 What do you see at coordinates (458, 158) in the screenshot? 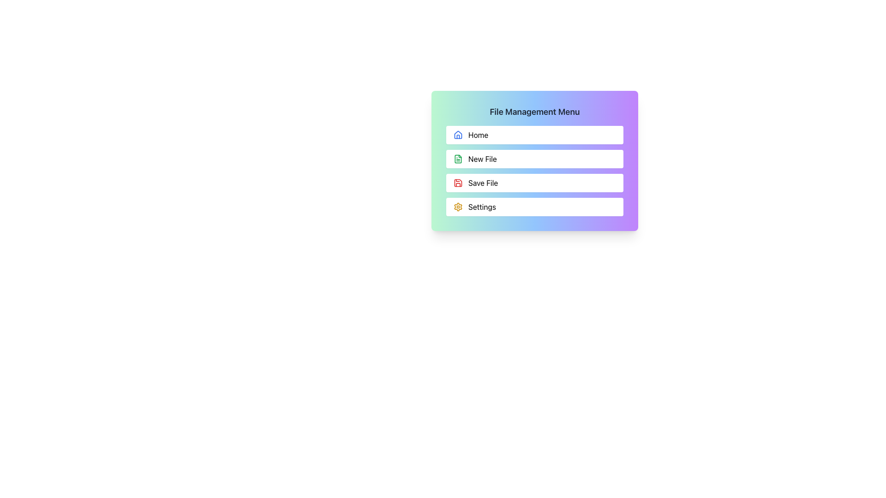
I see `the graphical representation of the 'Save File' icon located in the navigation menu of the 'File Management Menu'` at bounding box center [458, 158].